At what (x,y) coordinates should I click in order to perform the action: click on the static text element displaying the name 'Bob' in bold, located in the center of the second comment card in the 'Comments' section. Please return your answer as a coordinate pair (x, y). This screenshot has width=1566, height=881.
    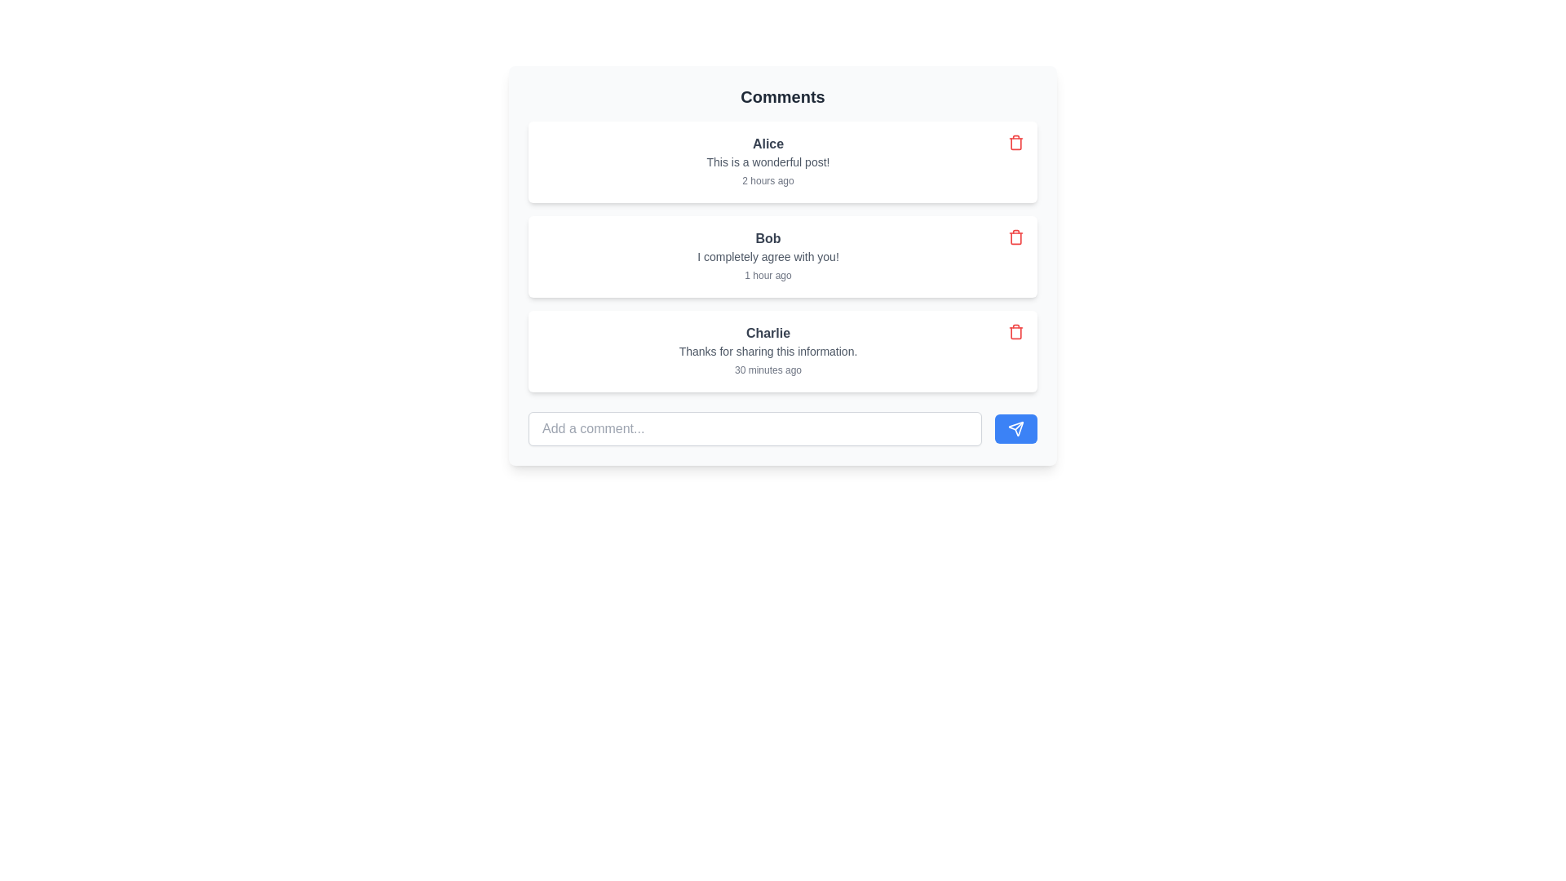
    Looking at the image, I should click on (767, 239).